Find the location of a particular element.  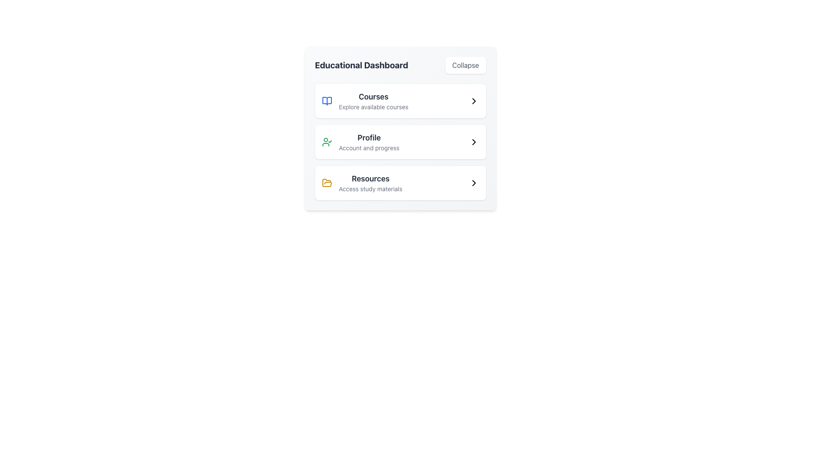

the chevron-right arrow icon located on the far right of the 'Resources' section, adjacent to the 'Access study materials' text, to indicate navigation to further details is located at coordinates (473, 182).